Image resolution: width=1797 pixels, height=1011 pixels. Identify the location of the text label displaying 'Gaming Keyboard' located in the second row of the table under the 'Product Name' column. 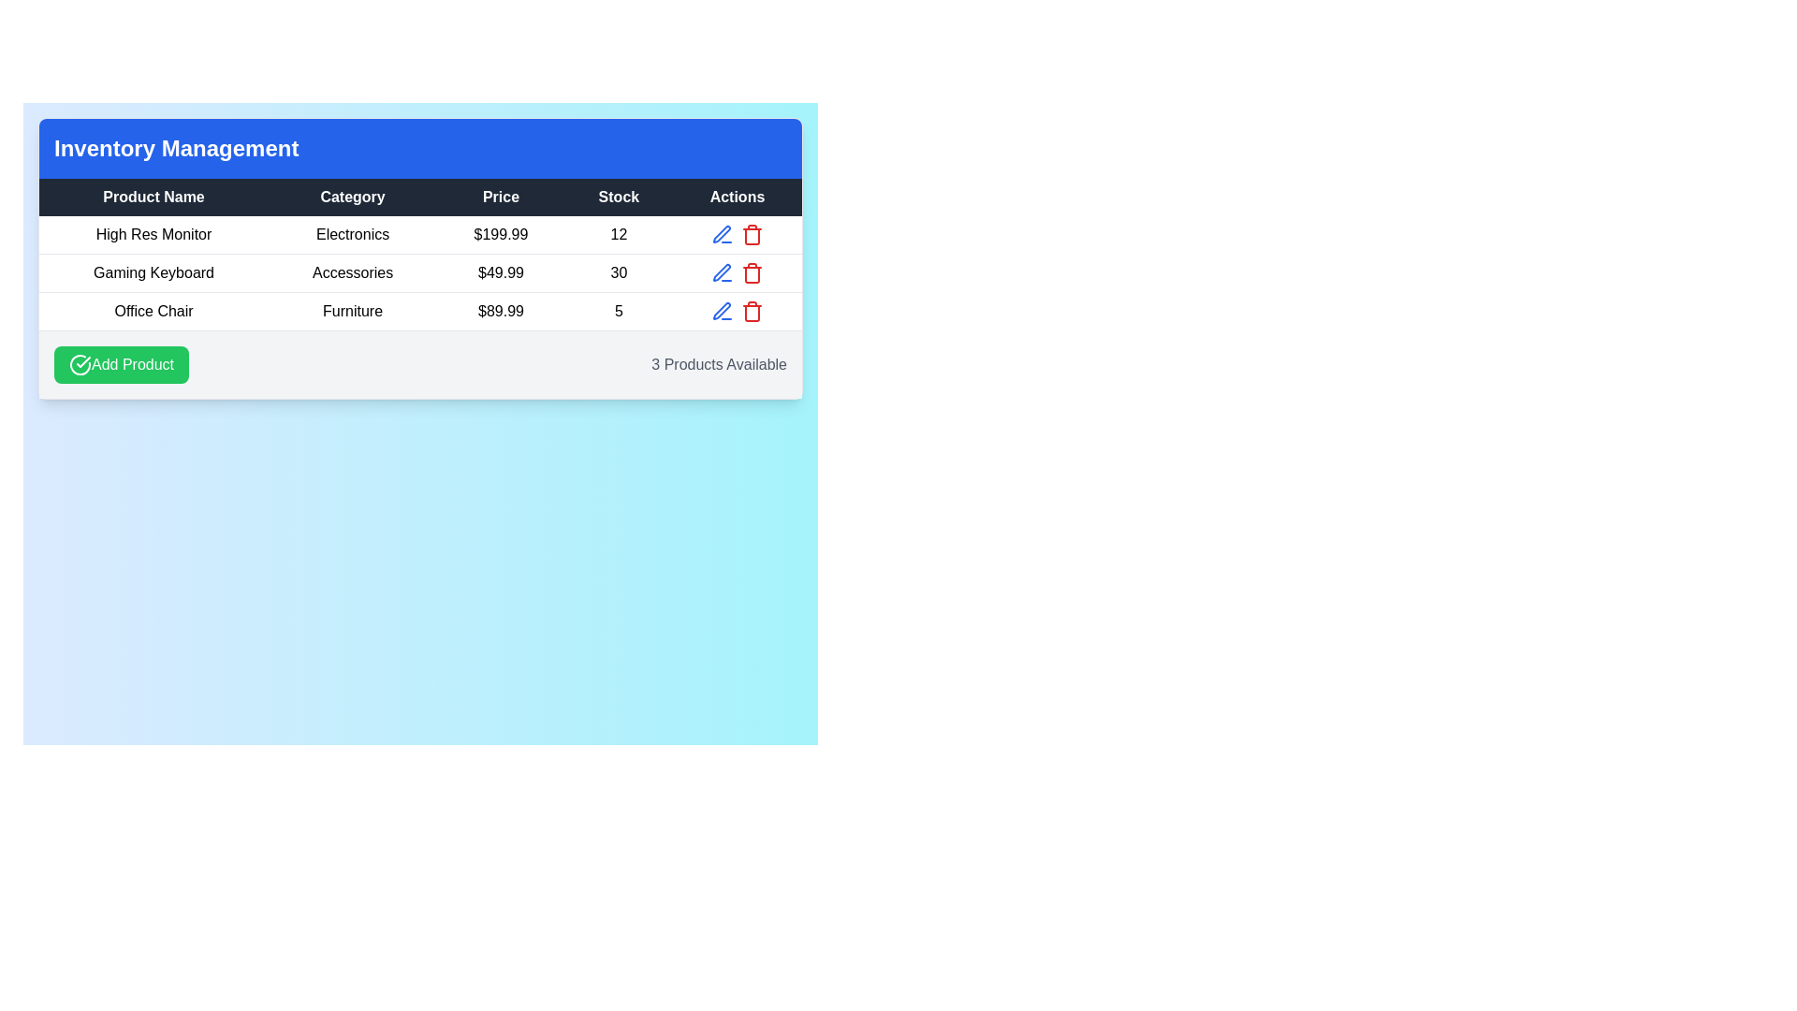
(153, 273).